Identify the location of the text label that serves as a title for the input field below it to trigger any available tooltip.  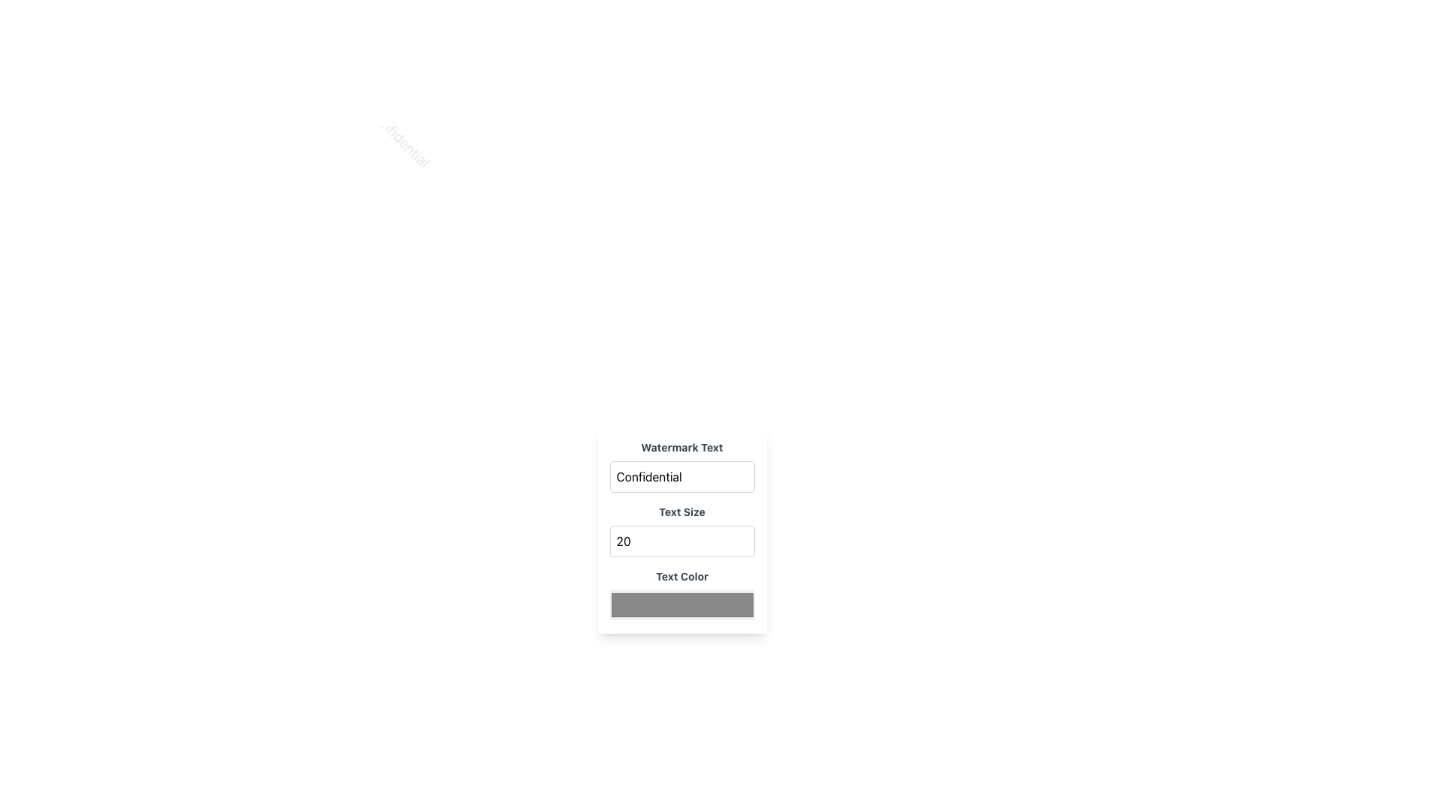
(681, 447).